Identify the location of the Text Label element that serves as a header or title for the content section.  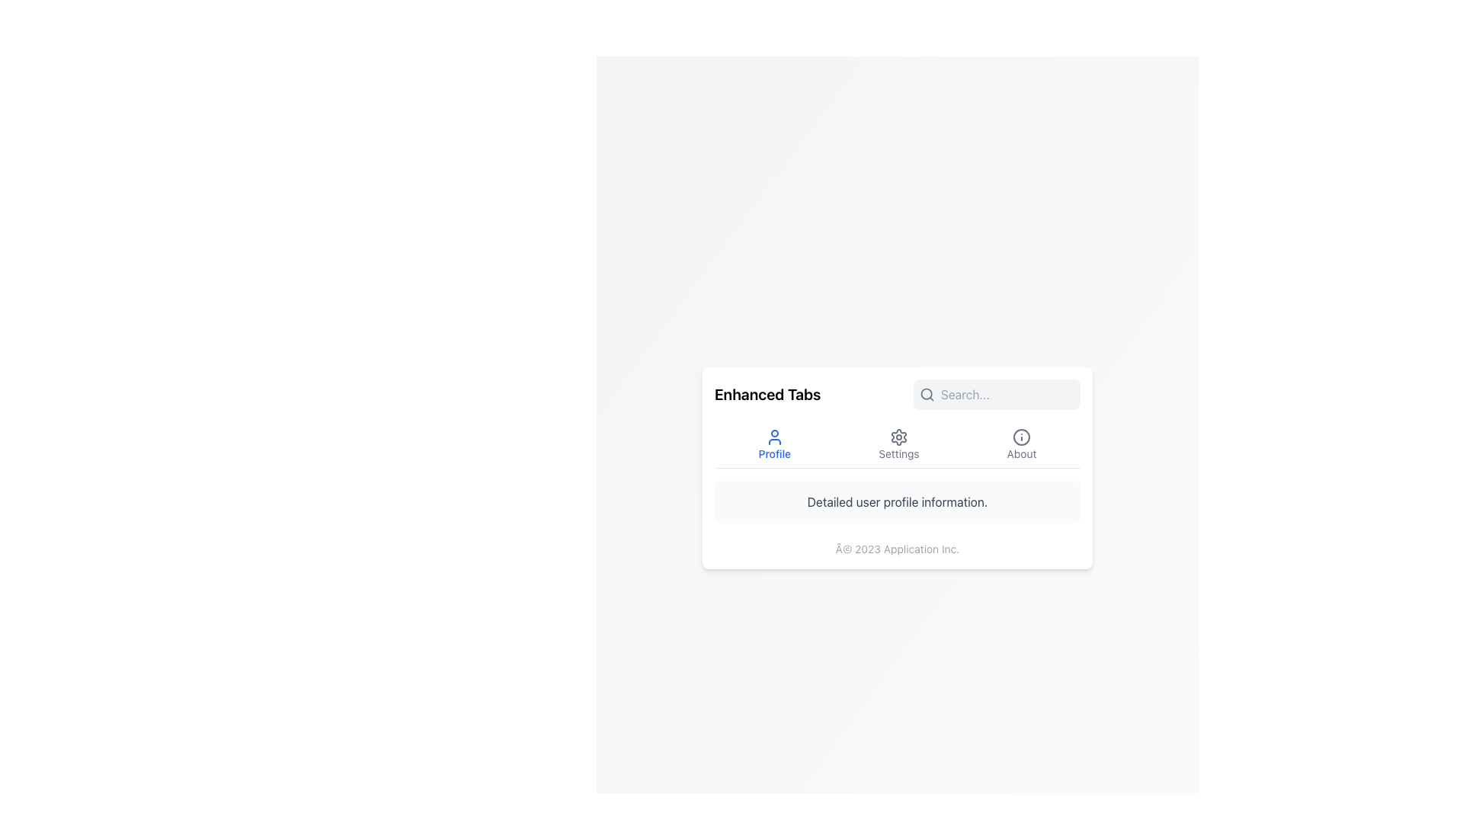
(767, 393).